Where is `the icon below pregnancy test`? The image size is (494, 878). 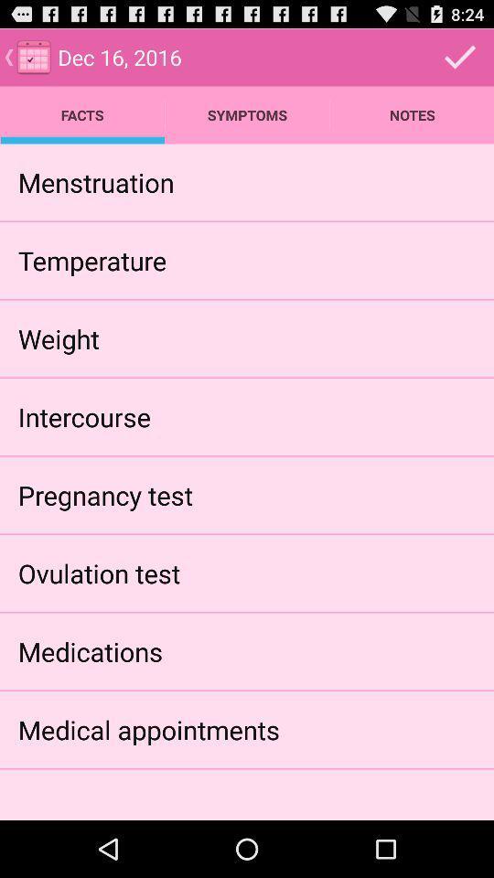 the icon below pregnancy test is located at coordinates (99, 572).